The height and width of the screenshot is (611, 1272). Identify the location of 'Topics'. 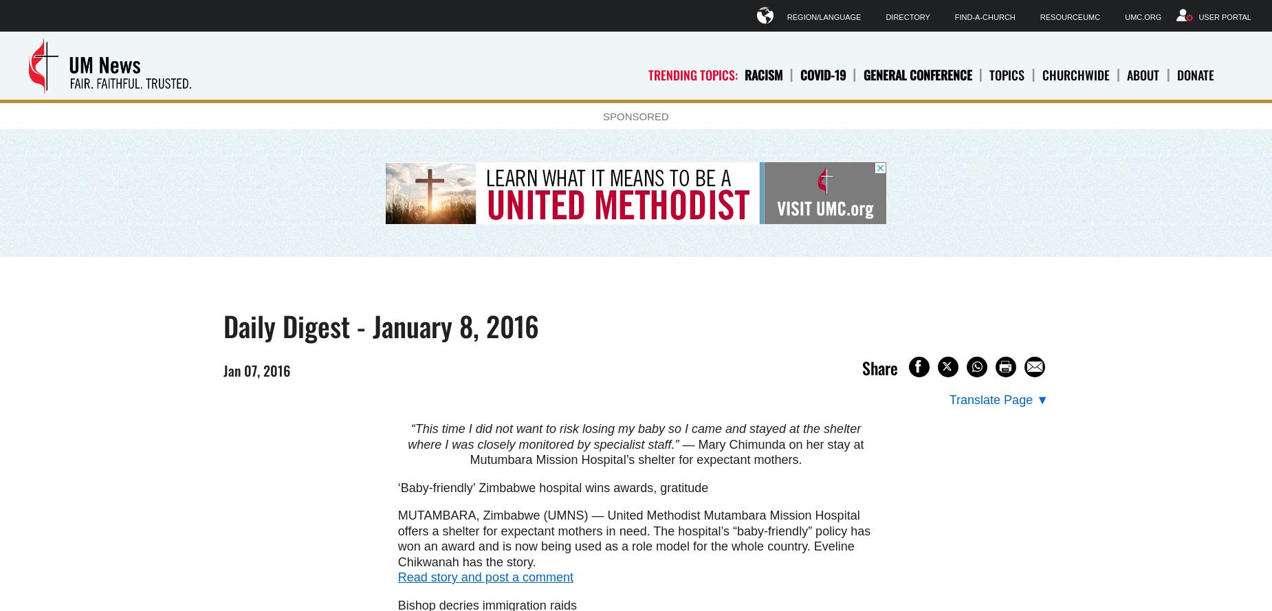
(1007, 74).